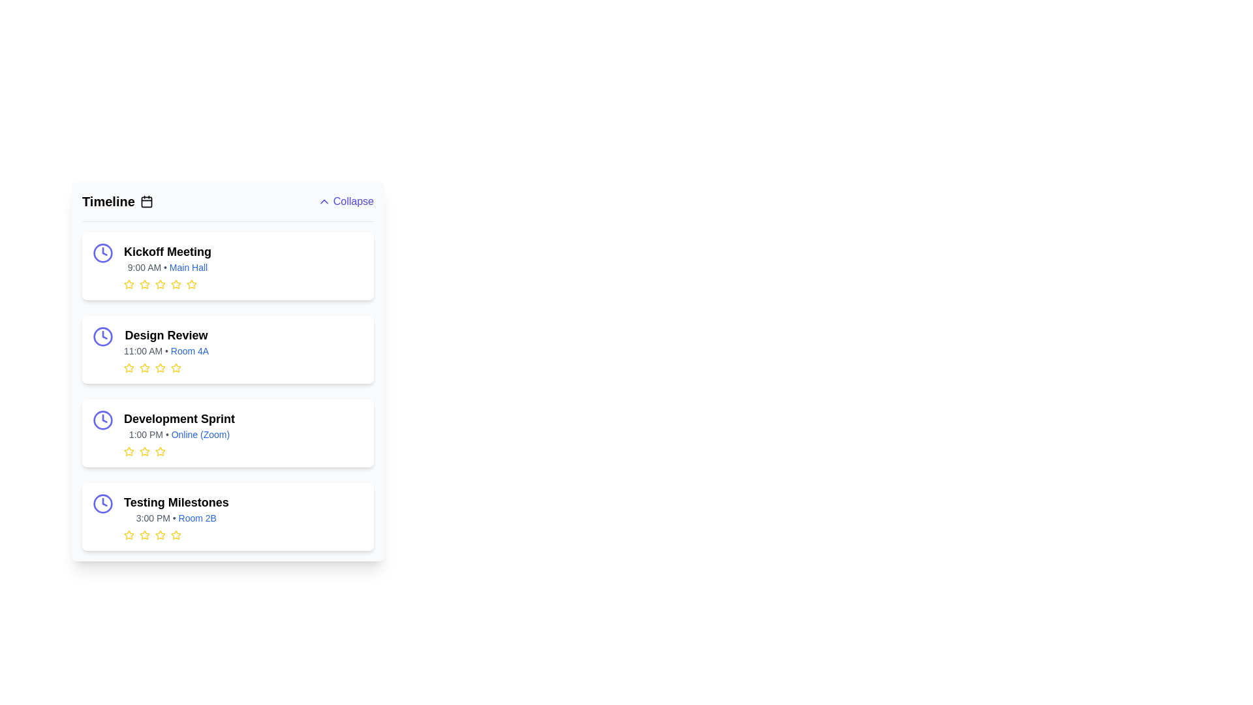 This screenshot has width=1253, height=705. What do you see at coordinates (200, 435) in the screenshot?
I see `static label displaying the text 'Online (Zoom)' in blue, located next to the time and title of an event in the third item of a timeline list` at bounding box center [200, 435].